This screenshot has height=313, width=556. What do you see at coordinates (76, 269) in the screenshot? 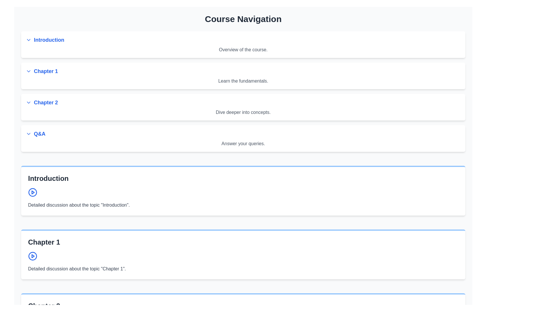
I see `the text block located below the heading 'Chapter 1' and after the play button icon` at bounding box center [76, 269].